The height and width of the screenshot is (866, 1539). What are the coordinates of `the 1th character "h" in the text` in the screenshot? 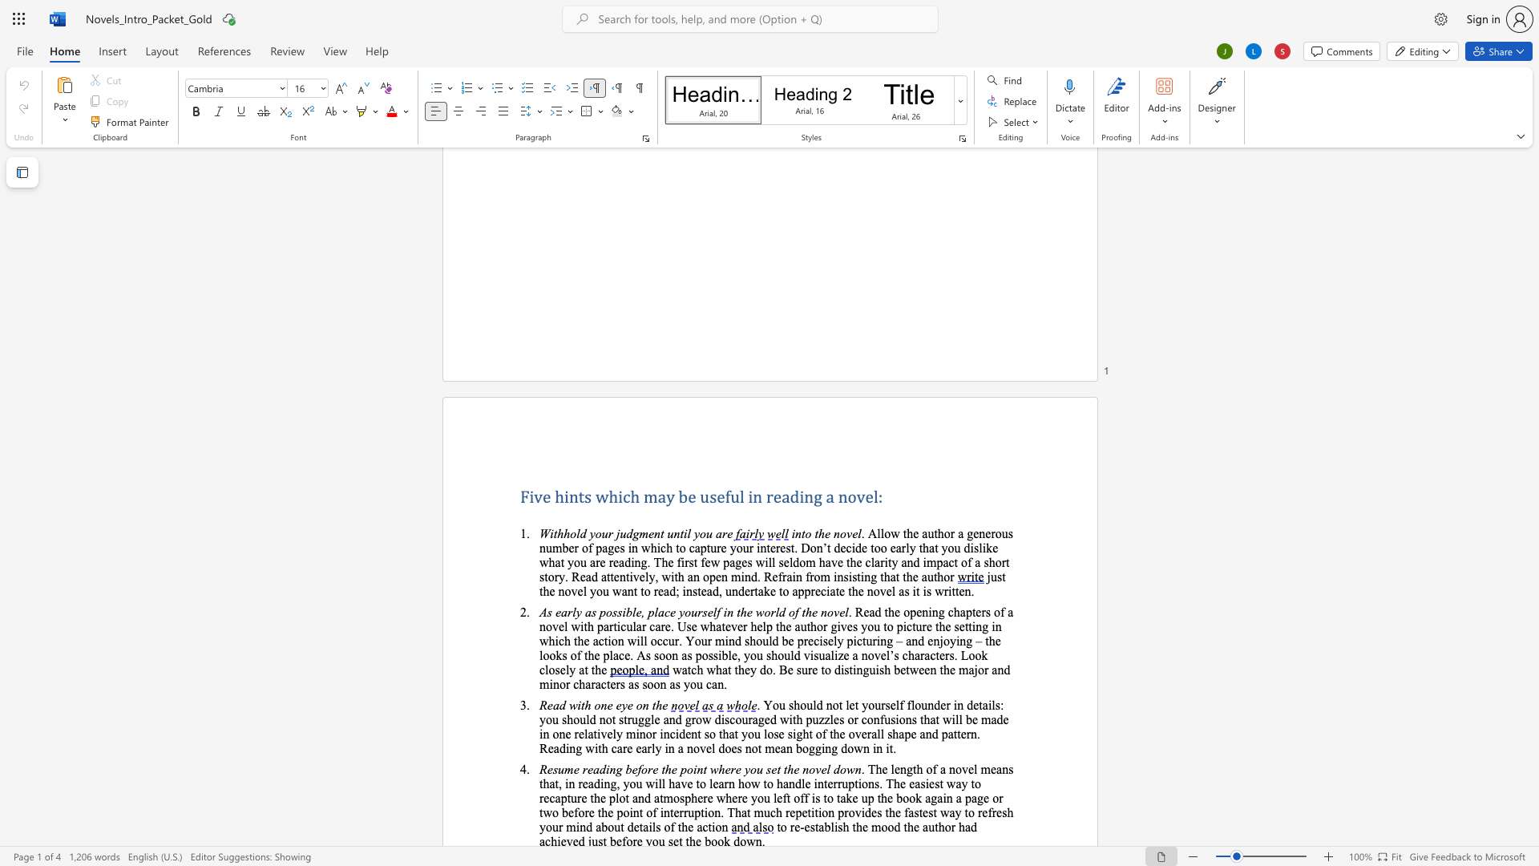 It's located at (560, 533).